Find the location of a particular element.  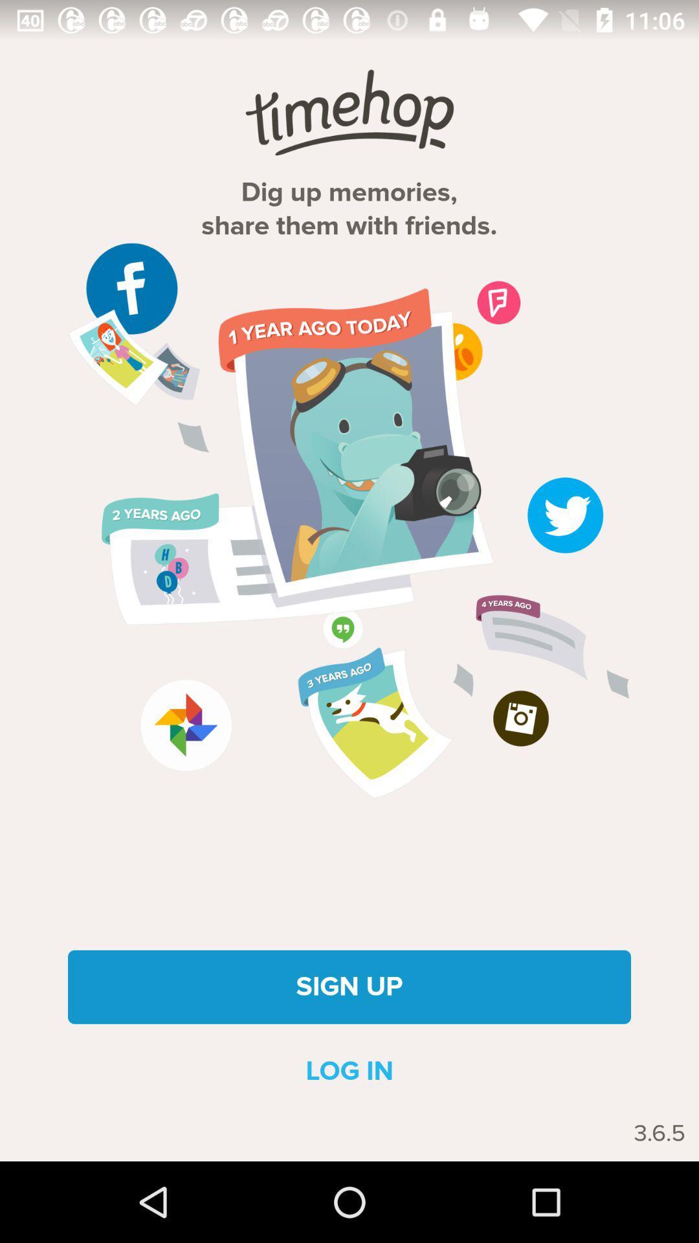

the icon above 3.6.5 is located at coordinates (349, 1071).